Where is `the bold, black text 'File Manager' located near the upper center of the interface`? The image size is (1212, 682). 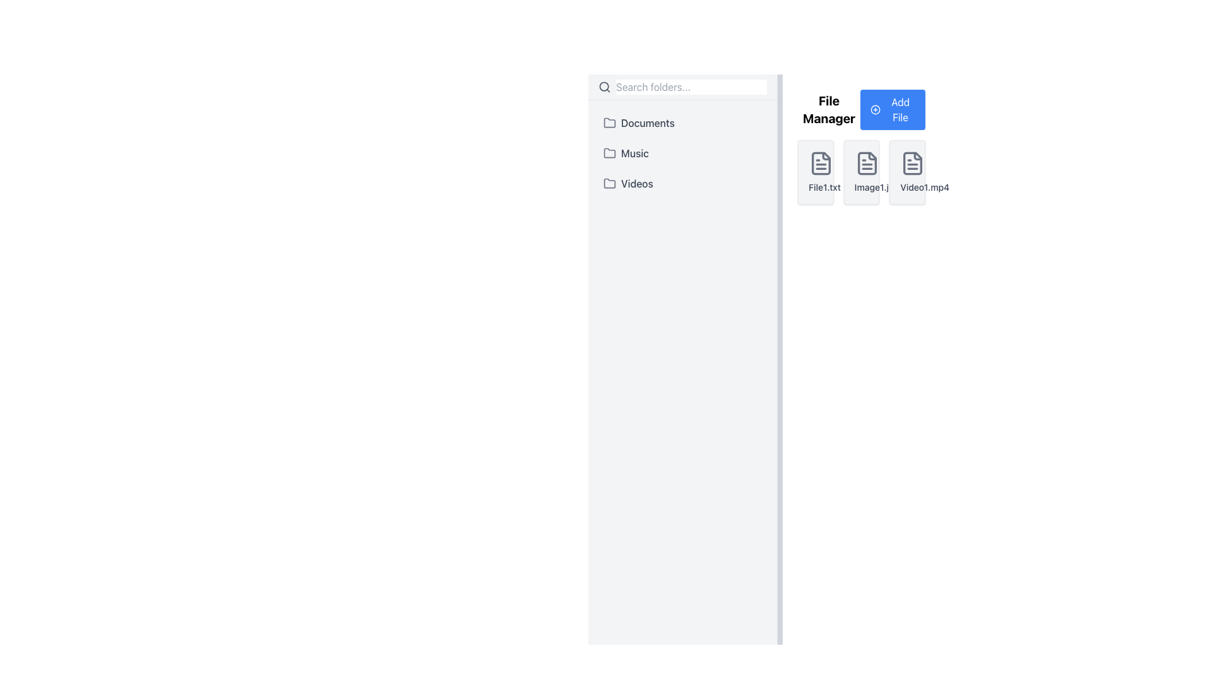
the bold, black text 'File Manager' located near the upper center of the interface is located at coordinates (829, 109).